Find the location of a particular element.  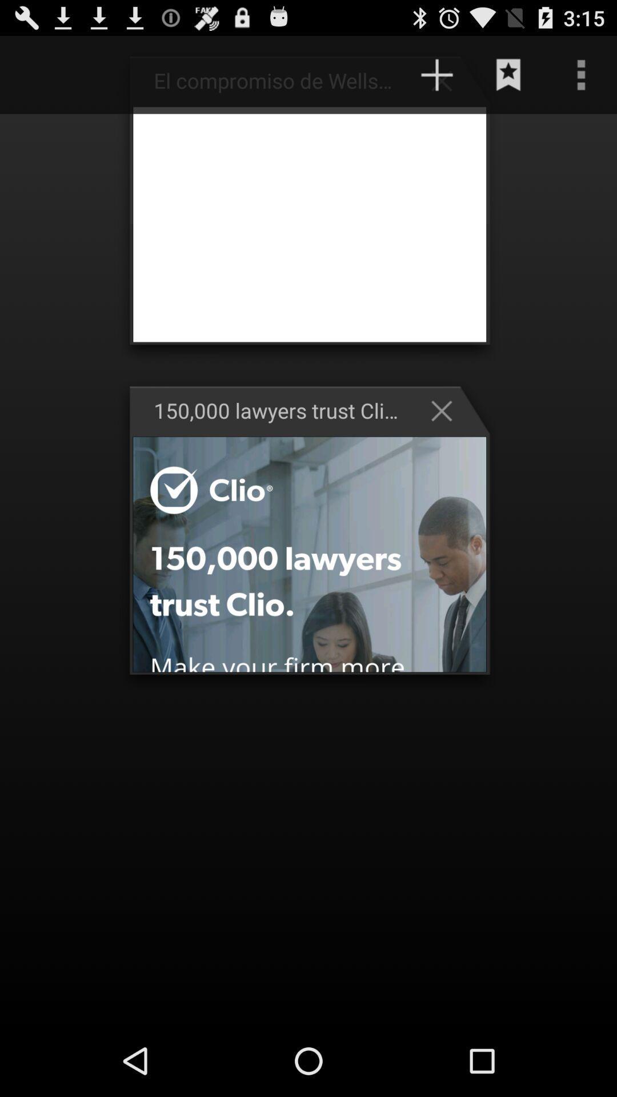

the more icon is located at coordinates (581, 79).